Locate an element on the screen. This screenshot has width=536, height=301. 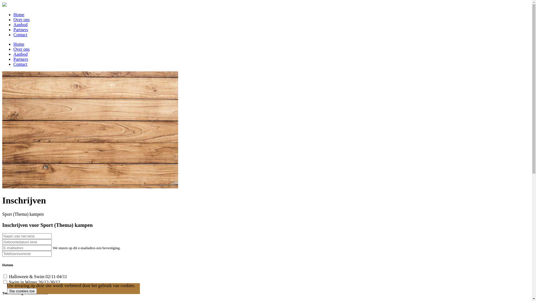
'Contact' is located at coordinates (20, 35).